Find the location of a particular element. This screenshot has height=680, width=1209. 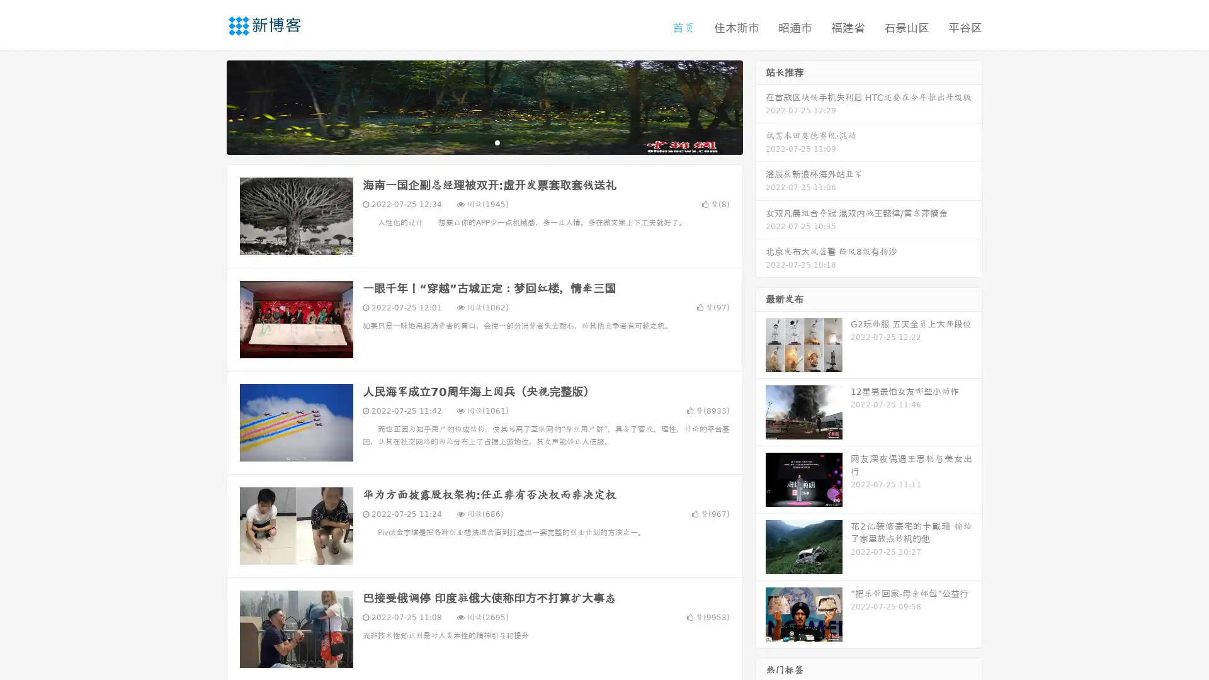

Next slide is located at coordinates (761, 106).